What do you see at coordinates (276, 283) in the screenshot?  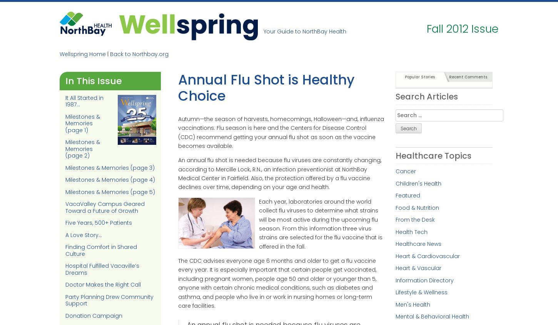 I see `'The CDC advises everyone age 6 months and older to get a flu vaccine every year. It is especially important that certain people get vaccinated, including pregnant women, people age 50 and older or younger than 5, anyone with certain chronic medical conditions, such as diabetes and asthma, and people who live in or work in nursing homes or long-term care facilities.'` at bounding box center [276, 283].